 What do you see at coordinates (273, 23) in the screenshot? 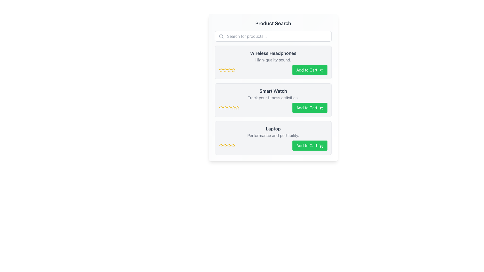
I see `the section based on the bold` at bounding box center [273, 23].